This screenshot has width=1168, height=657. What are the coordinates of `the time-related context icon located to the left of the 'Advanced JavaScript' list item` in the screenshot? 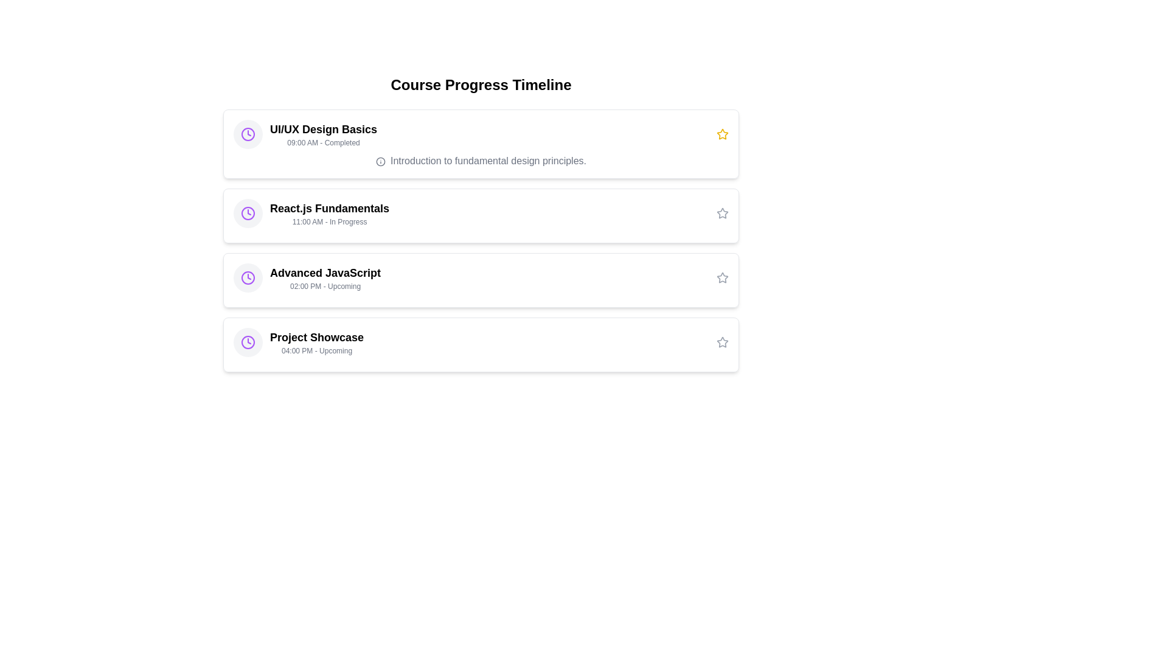 It's located at (248, 277).